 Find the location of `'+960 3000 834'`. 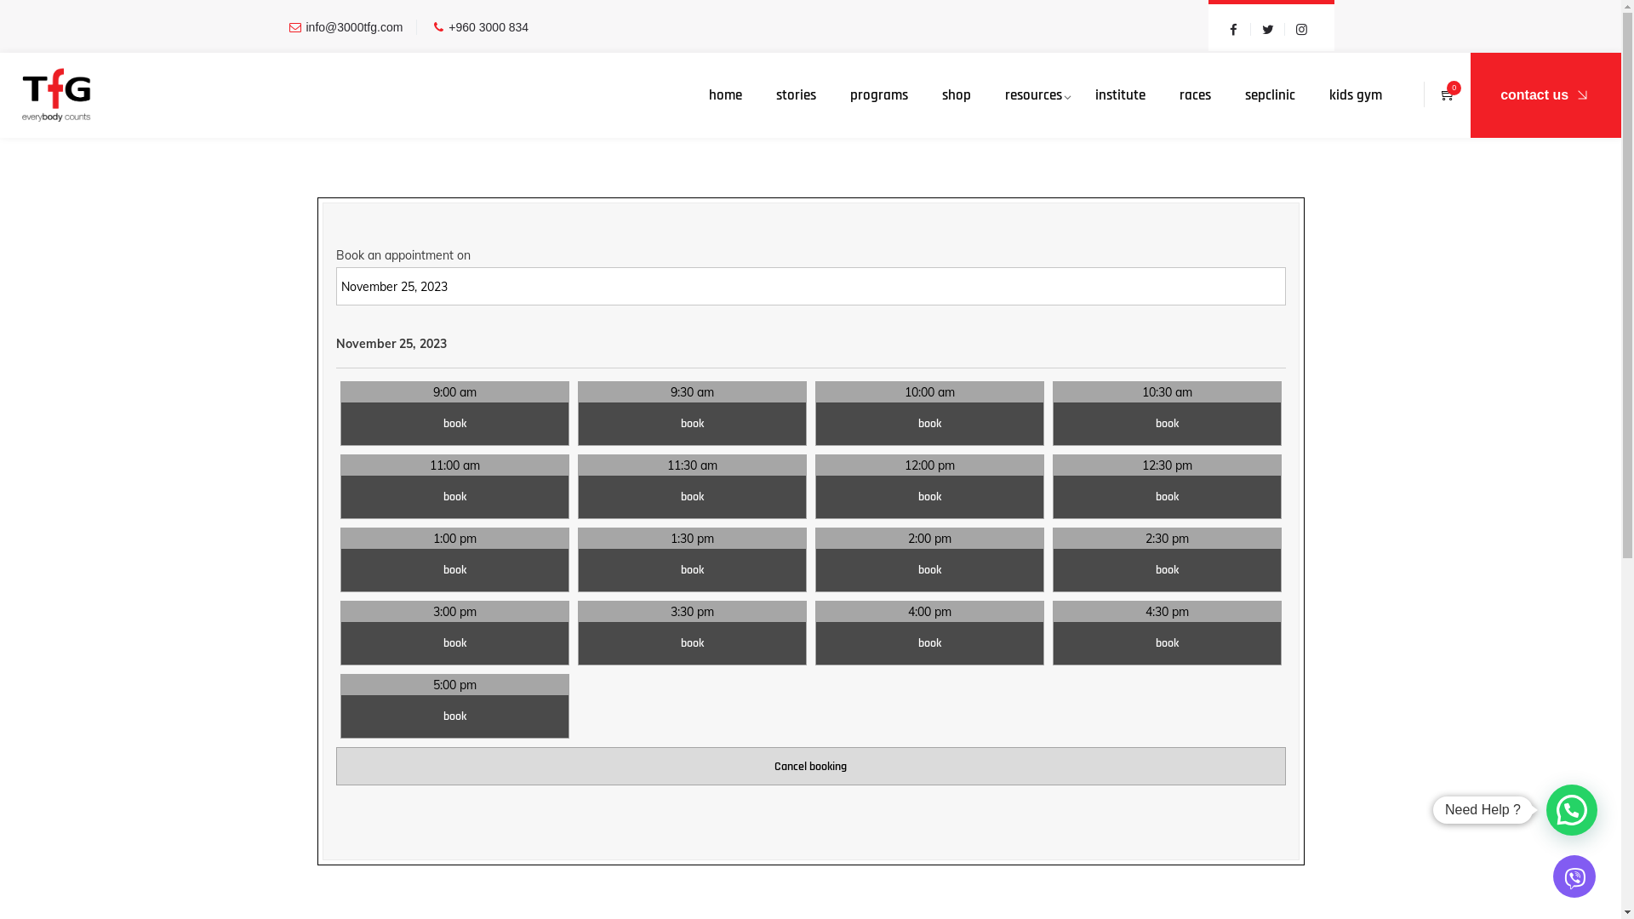

'+960 3000 834' is located at coordinates (488, 26).